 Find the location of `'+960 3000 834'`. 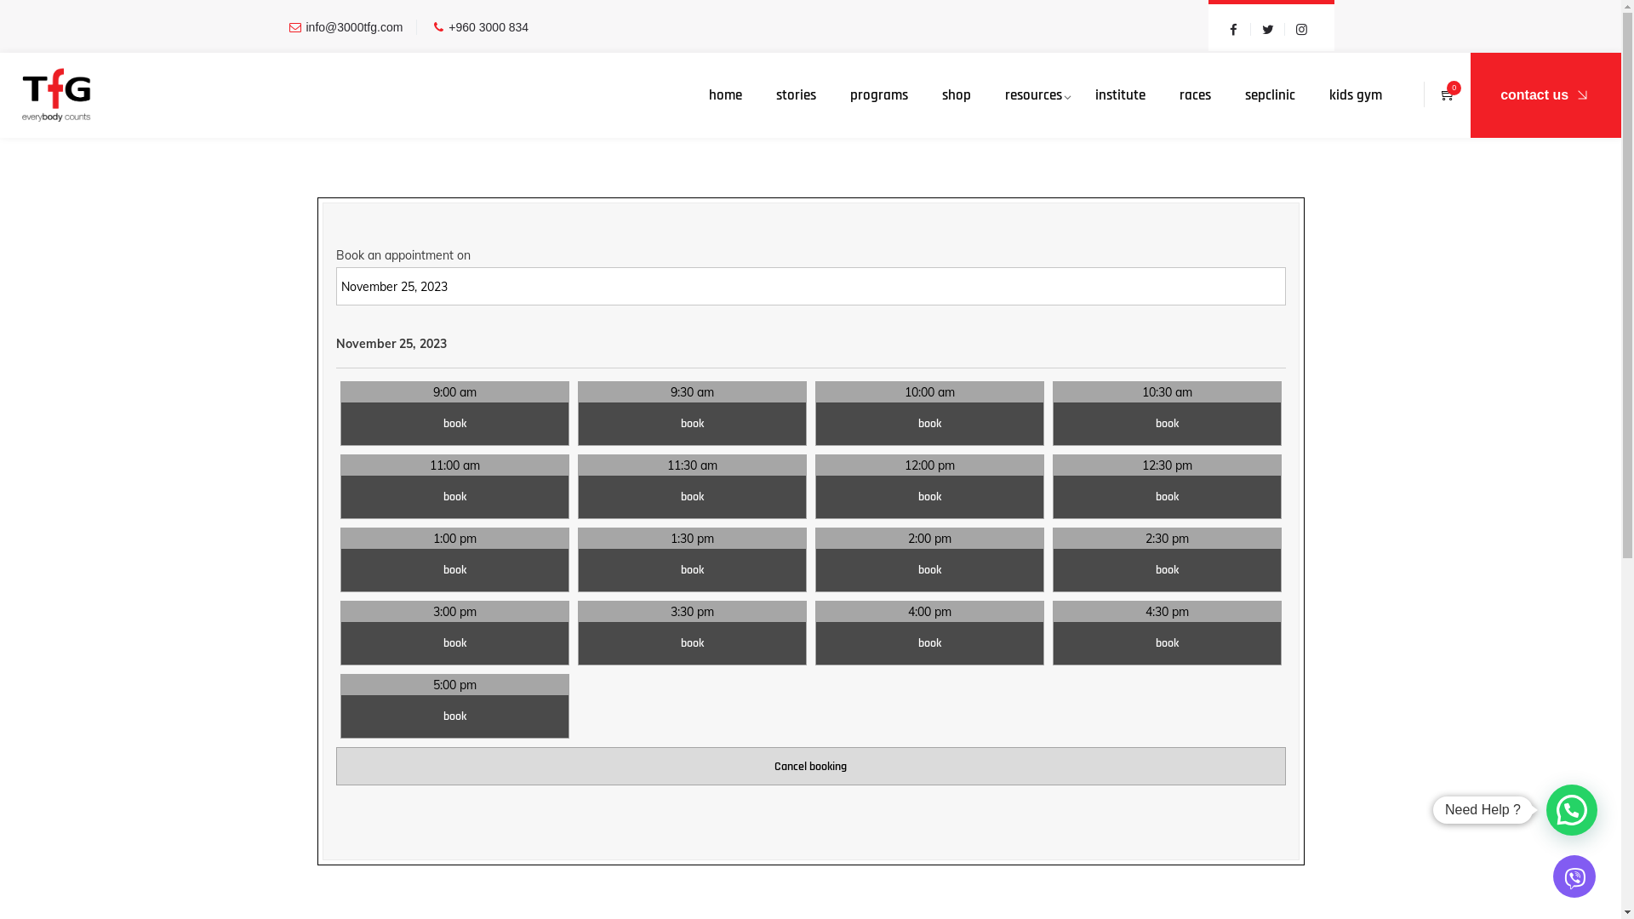

'+960 3000 834' is located at coordinates (488, 26).